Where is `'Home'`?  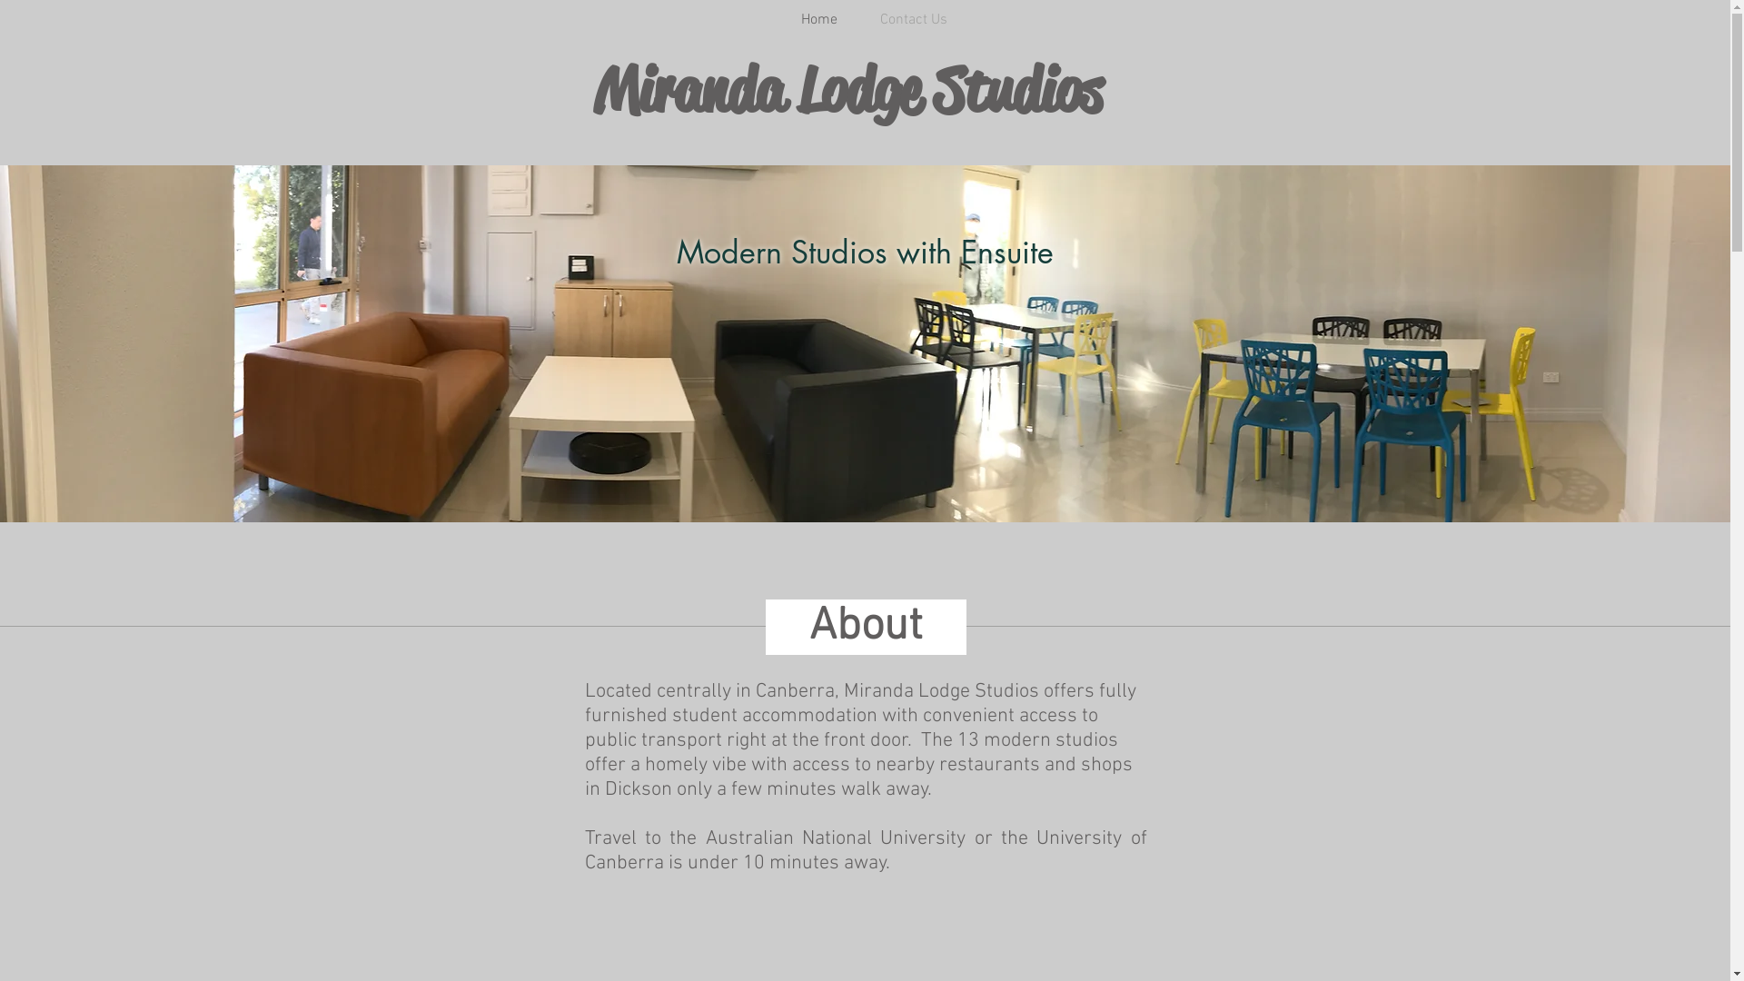 'Home' is located at coordinates (771, 20).